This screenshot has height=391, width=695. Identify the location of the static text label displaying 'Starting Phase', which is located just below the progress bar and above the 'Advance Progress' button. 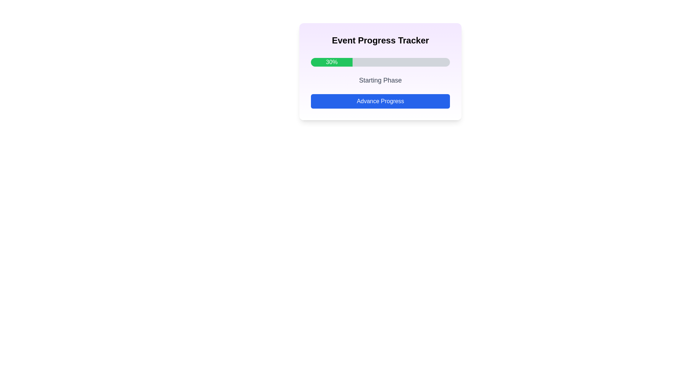
(380, 80).